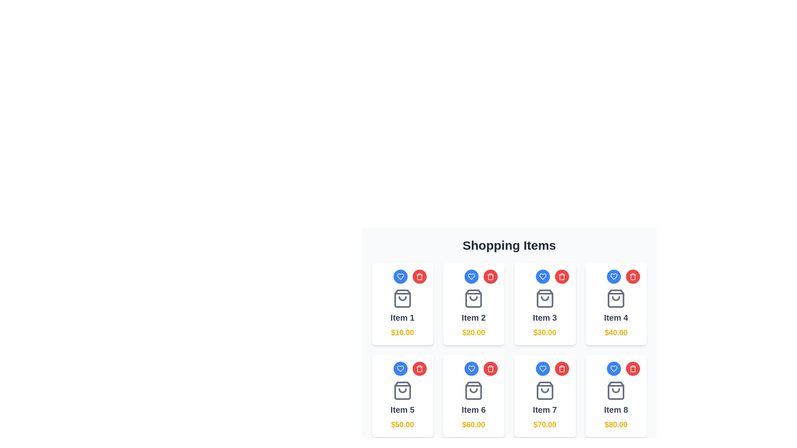 The width and height of the screenshot is (797, 448). Describe the element at coordinates (616, 390) in the screenshot. I see `the shopping bag icon located in the eighth shopping item card, which is visually represented as a gray icon with a handle, centrally positioned under 'Item 8' and above the price '$80.00'` at that location.